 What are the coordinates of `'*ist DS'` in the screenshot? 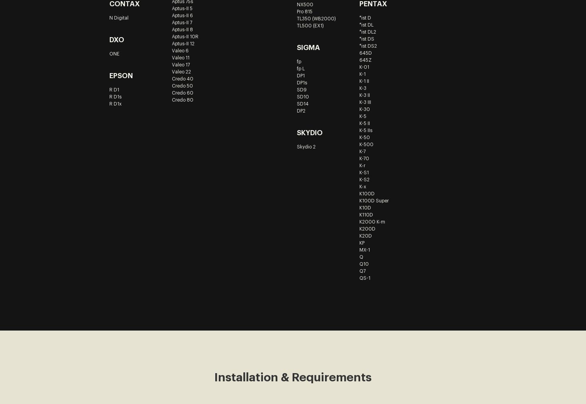 It's located at (366, 39).